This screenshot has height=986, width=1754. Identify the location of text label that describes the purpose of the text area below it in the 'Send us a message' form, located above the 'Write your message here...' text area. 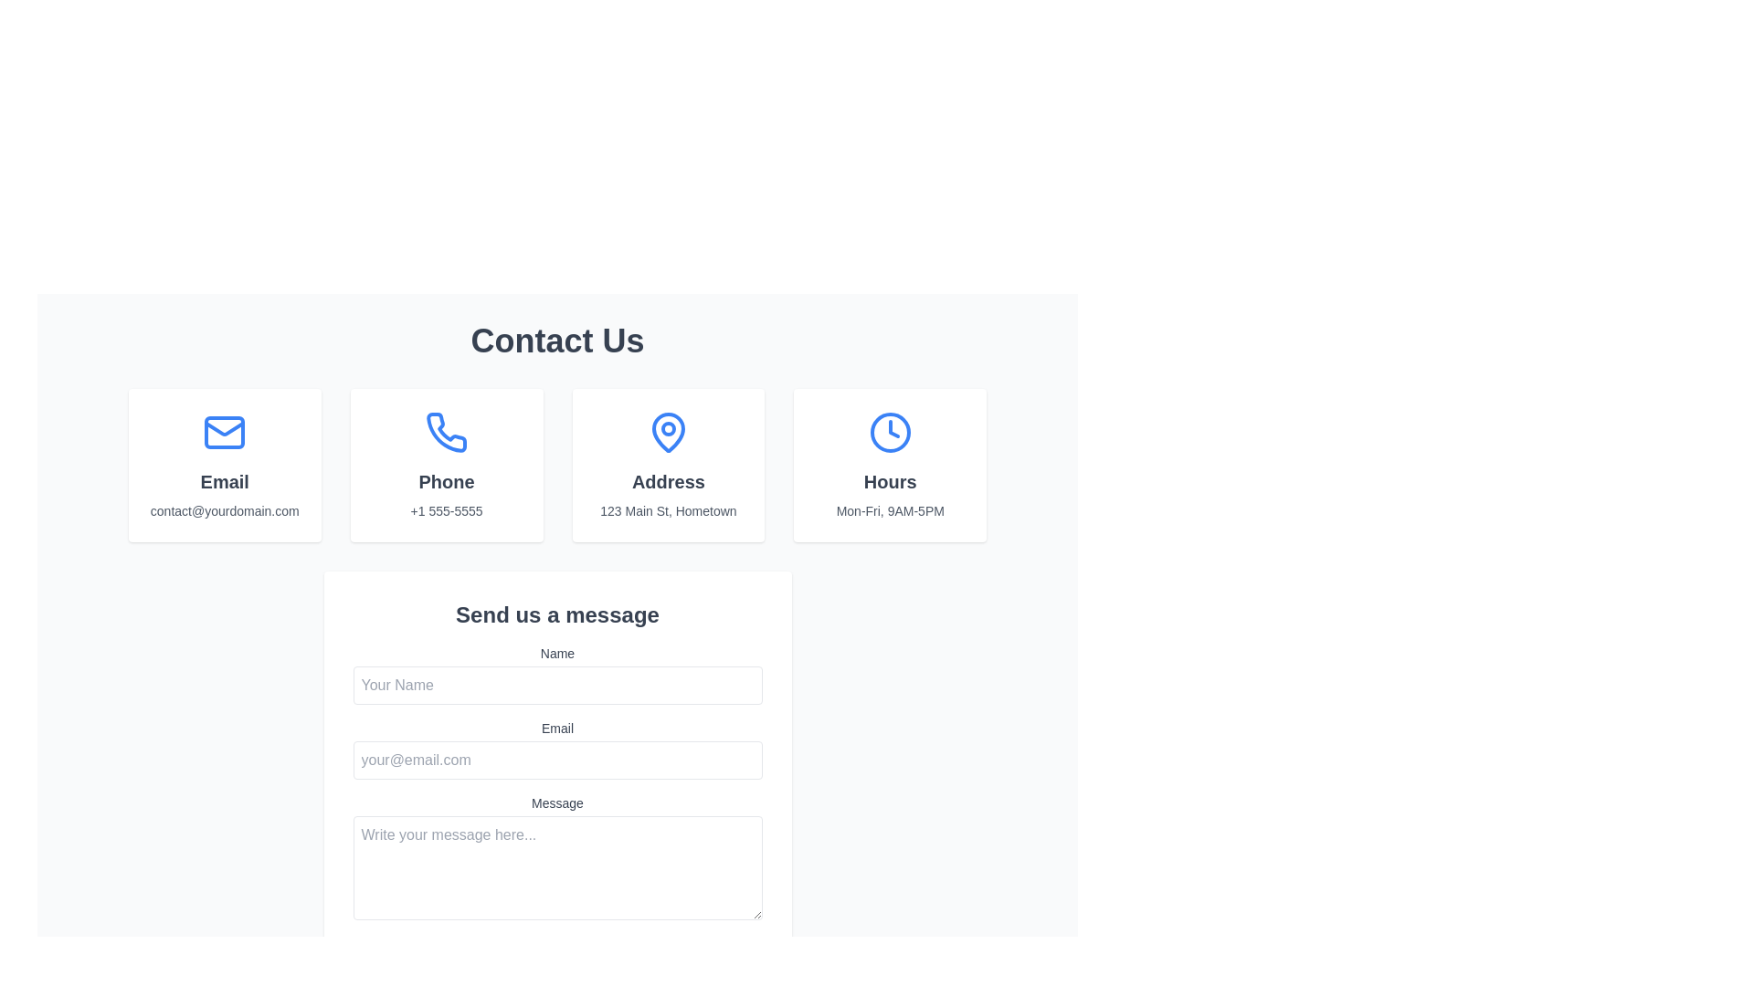
(556, 802).